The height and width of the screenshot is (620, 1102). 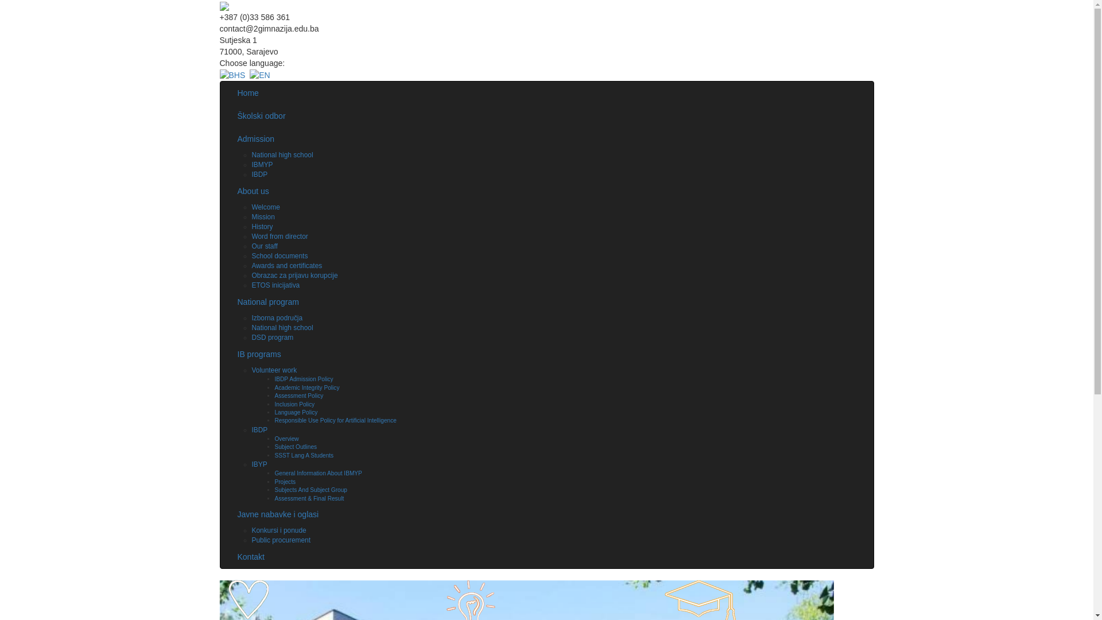 What do you see at coordinates (281, 540) in the screenshot?
I see `'Public procurement'` at bounding box center [281, 540].